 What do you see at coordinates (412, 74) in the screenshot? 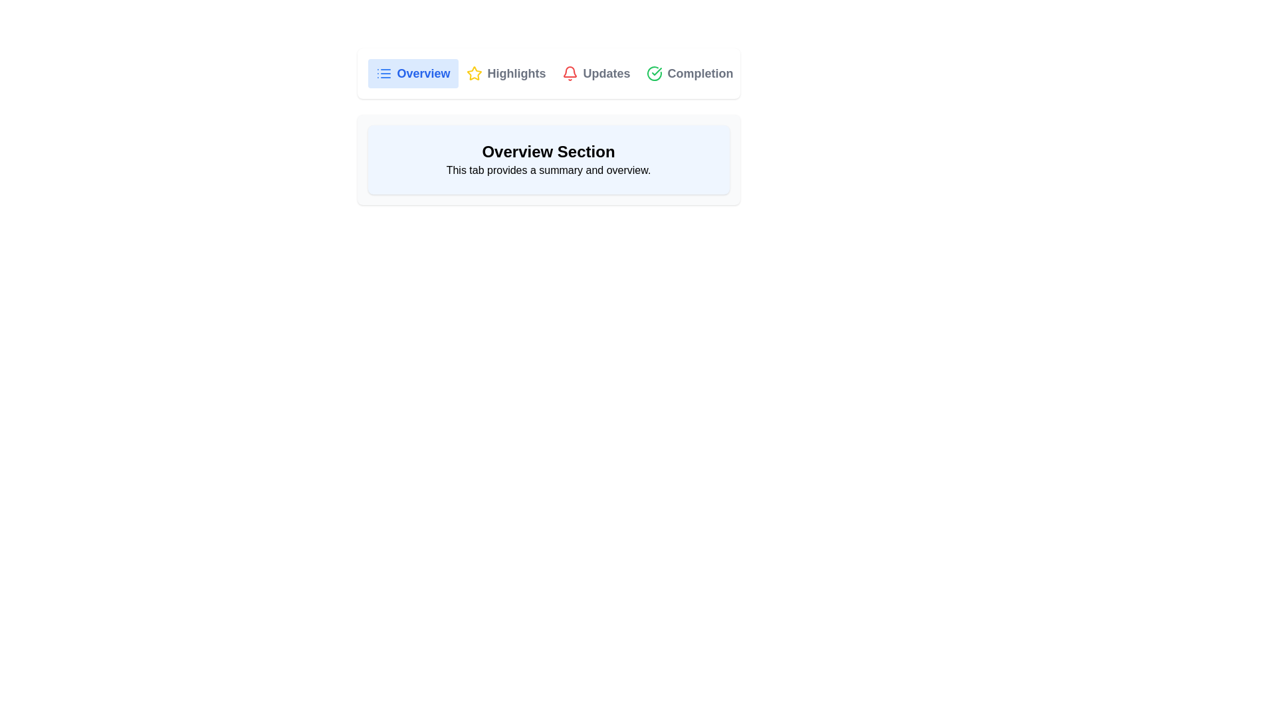
I see `the 'Overview' tab button` at bounding box center [412, 74].